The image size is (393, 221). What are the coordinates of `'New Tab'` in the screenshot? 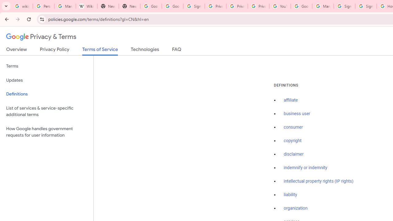 It's located at (129, 6).